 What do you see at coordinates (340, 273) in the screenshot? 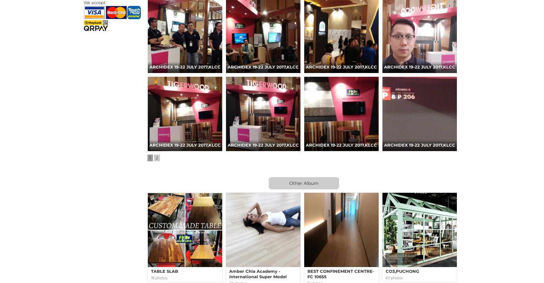
I see `'BEST CONFINEMENT CENTRE-FC 10655'` at bounding box center [340, 273].